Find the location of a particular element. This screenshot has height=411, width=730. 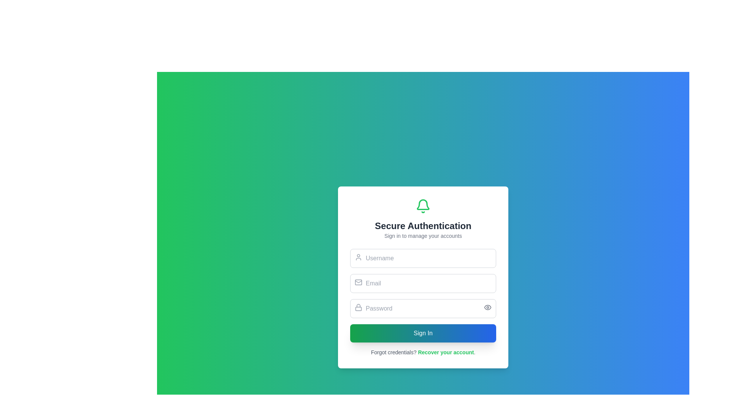

the icon that indicates the username input field, positioned at the top-left corner of the rectangular input box next to the placeholder text 'Username' is located at coordinates (358, 257).